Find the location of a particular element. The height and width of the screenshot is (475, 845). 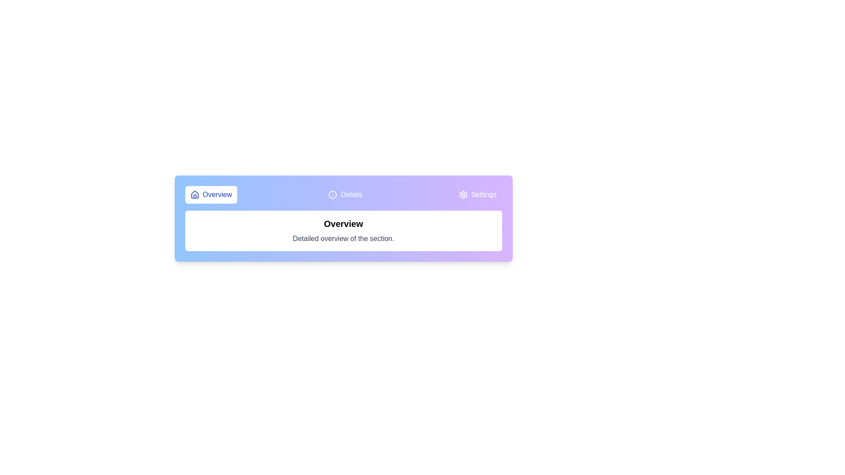

the house-like icon representing navigation within the blue-background area labeled 'Overview' if it is interactive is located at coordinates (194, 194).